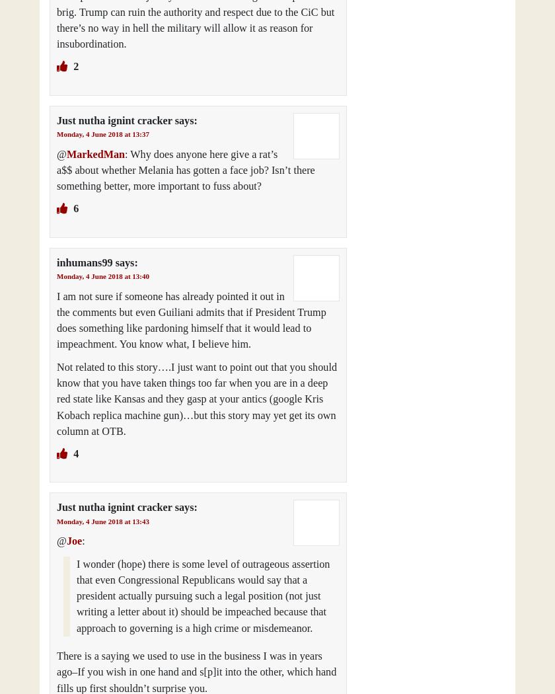  What do you see at coordinates (75, 454) in the screenshot?
I see `'4'` at bounding box center [75, 454].